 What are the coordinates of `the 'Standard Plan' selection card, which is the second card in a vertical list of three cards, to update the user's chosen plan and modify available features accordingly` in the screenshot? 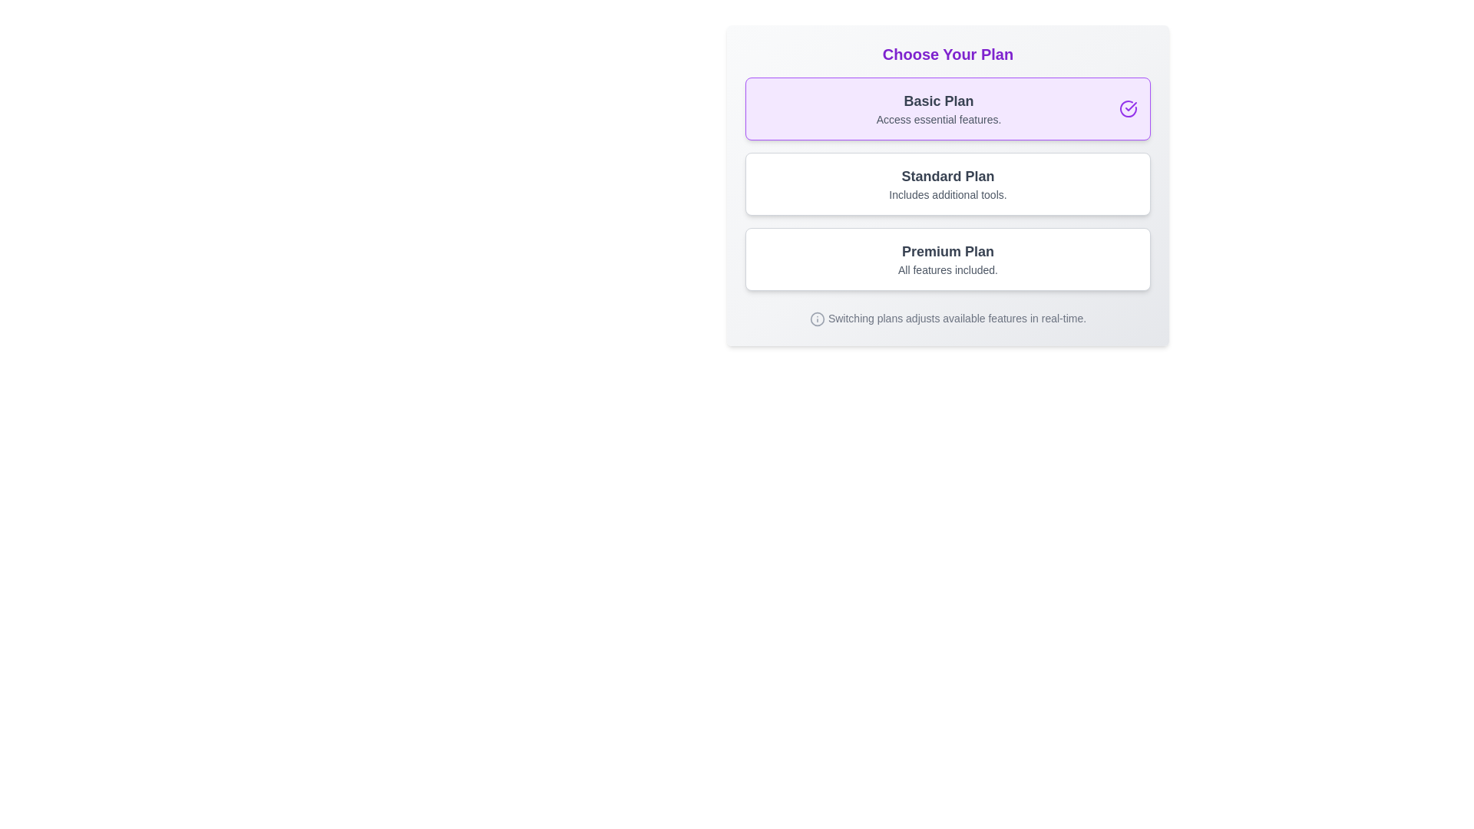 It's located at (947, 185).